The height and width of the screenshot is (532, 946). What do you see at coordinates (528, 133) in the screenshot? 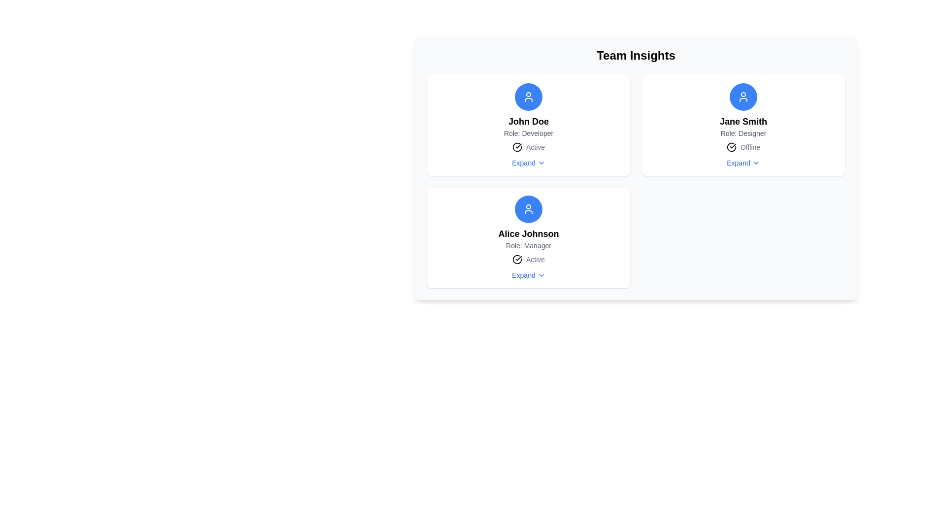
I see `the 'Role: Developer' text label, which is styled with small gray text and positioned between the 'John Doe' name label and the 'Active' status label in the Team Insights panel` at bounding box center [528, 133].